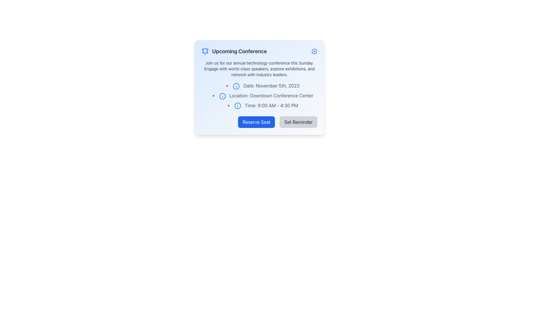  I want to click on the information icon, which is a circular shape outlined in blue with a smaller blue dot inside, located before the text 'Time: 9:00 AM - 4:30 PM', so click(238, 106).